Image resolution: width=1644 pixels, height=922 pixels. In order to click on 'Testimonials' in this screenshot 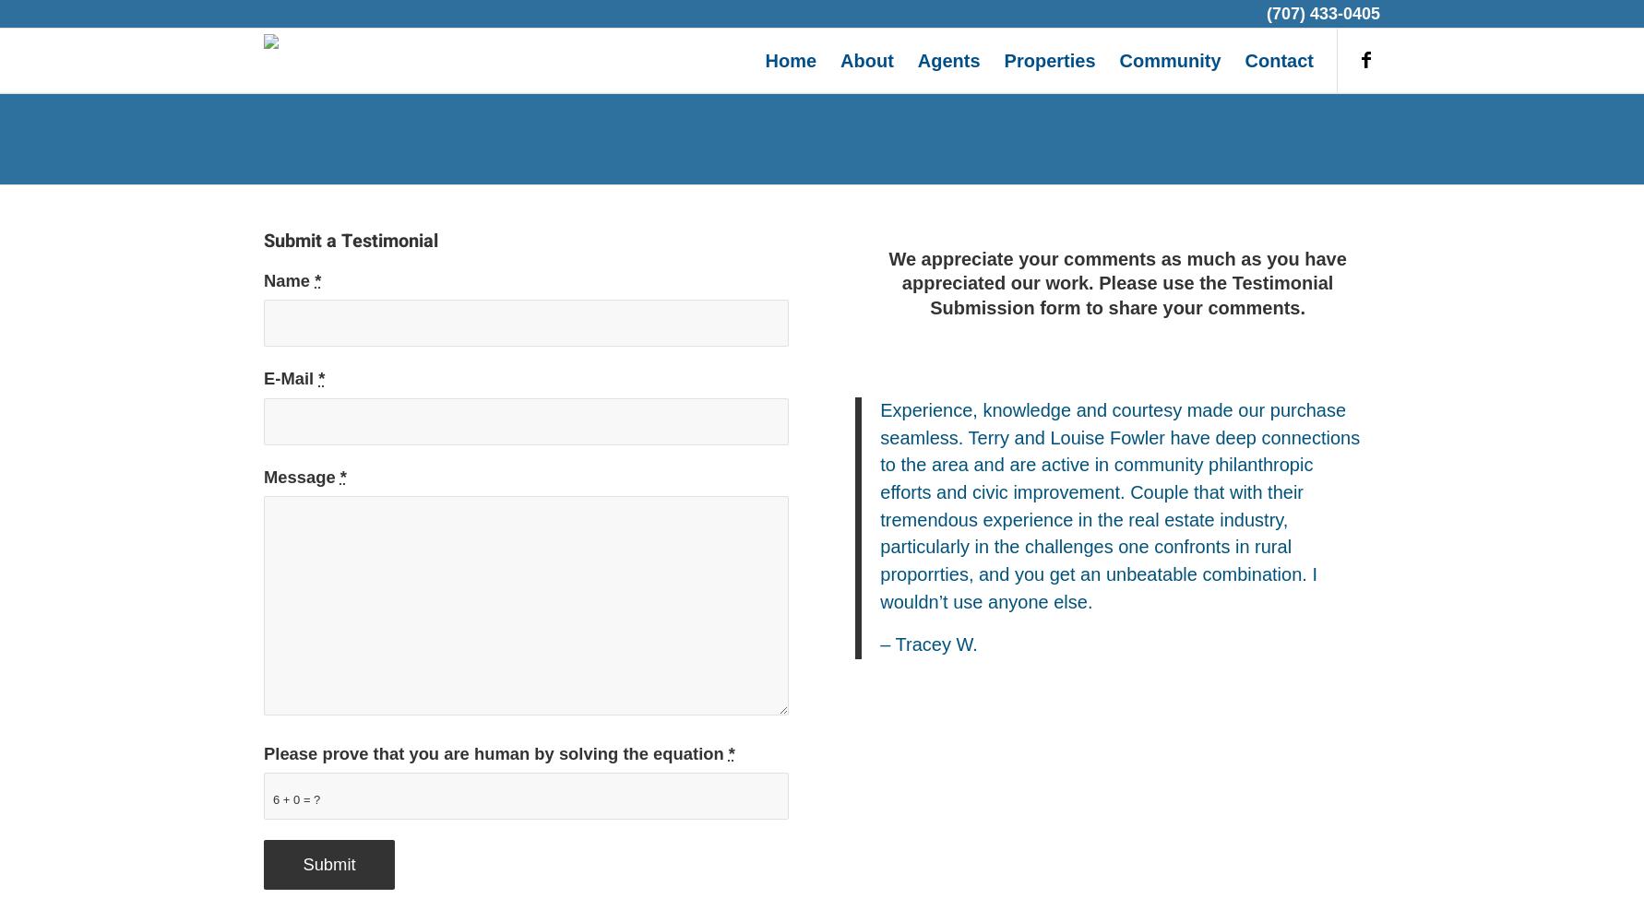, I will do `click(820, 137)`.